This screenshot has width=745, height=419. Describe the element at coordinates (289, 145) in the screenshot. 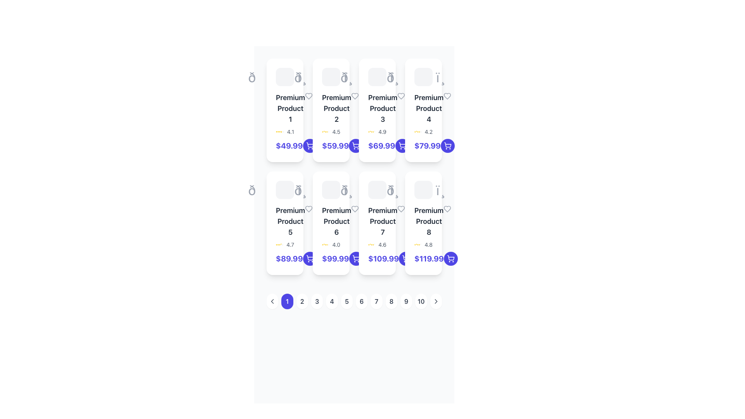

I see `price label located in the first product card on the top-left corner of the grid, positioned below the product title and rating, to the left of the shopping cart button` at that location.